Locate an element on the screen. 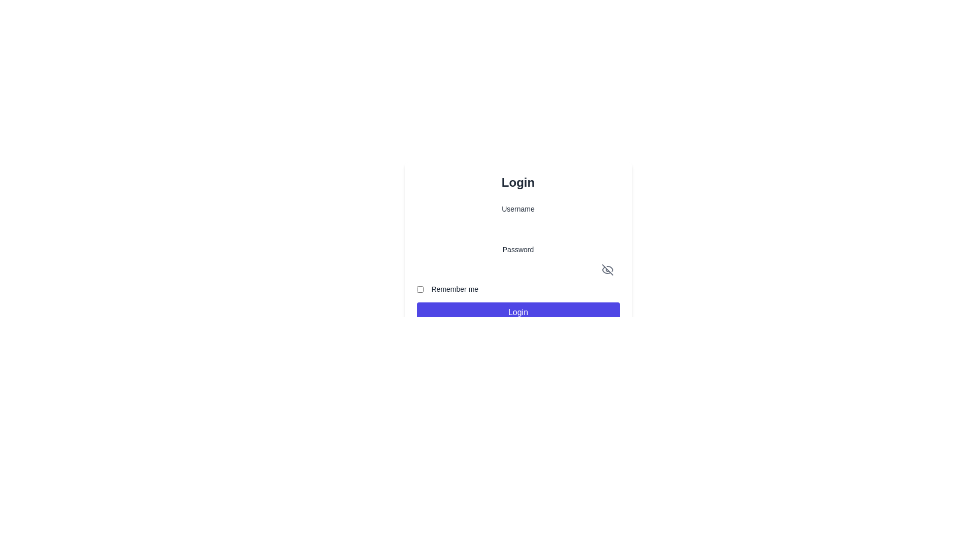 The image size is (974, 548). the small, light gray checkbox with a rounded border located to the left of the 'Remember me' text is located at coordinates (420, 289).